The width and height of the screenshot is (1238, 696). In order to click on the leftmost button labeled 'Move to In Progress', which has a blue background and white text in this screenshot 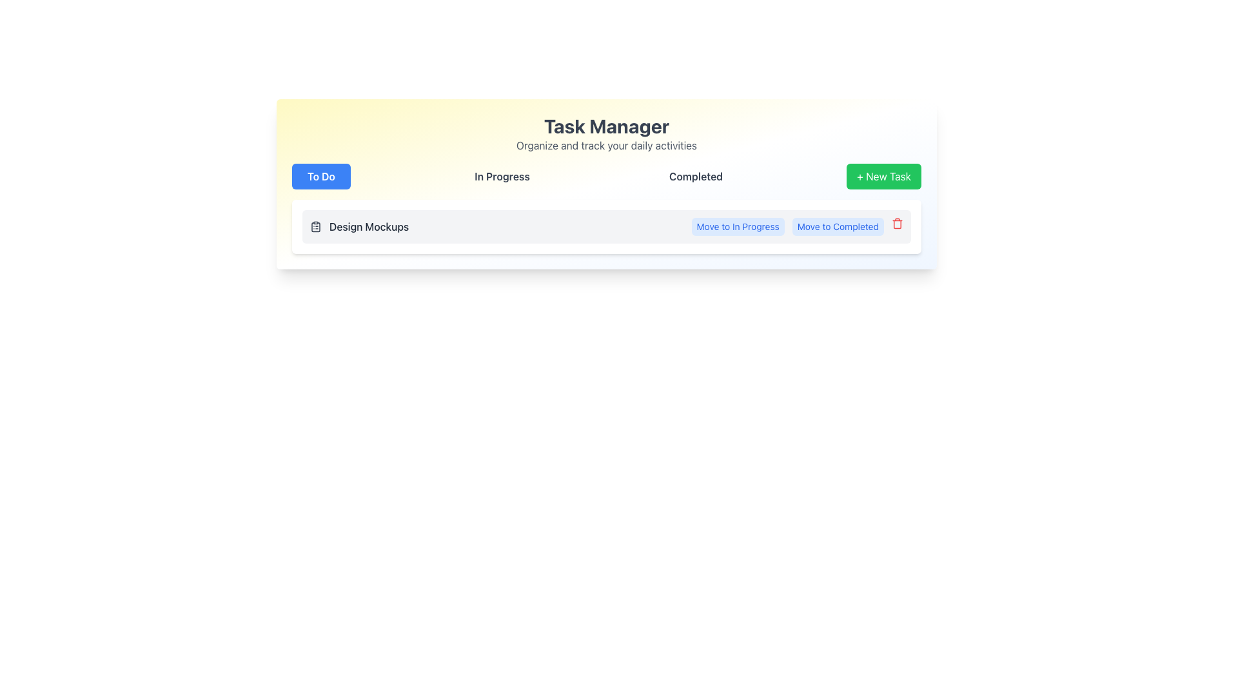, I will do `click(738, 226)`.